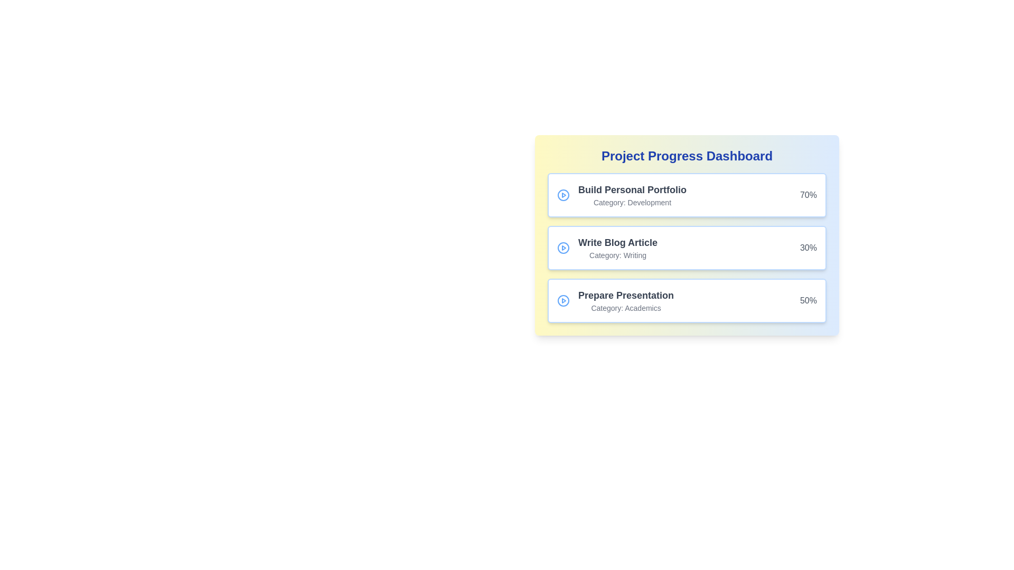  Describe the element at coordinates (808, 195) in the screenshot. I see `the Label displaying '70%' located at the top-right corner of the first card, adjacent to 'Build Personal Portfolio'` at that location.